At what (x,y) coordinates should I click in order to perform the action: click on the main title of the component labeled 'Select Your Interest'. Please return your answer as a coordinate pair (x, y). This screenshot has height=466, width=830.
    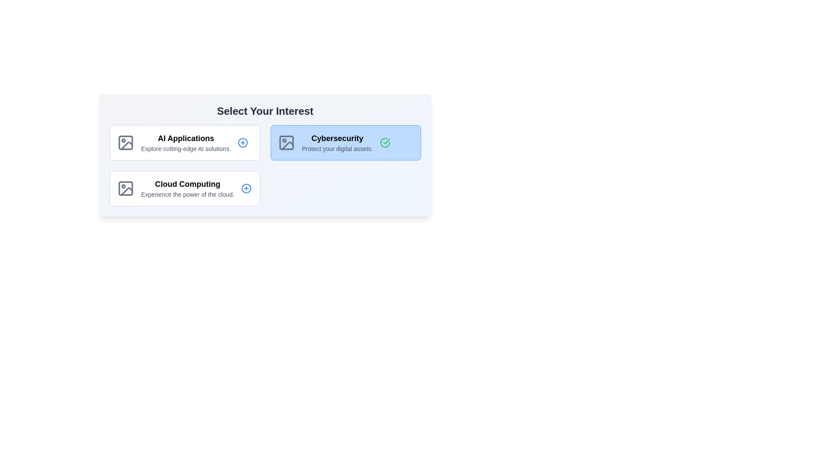
    Looking at the image, I should click on (265, 111).